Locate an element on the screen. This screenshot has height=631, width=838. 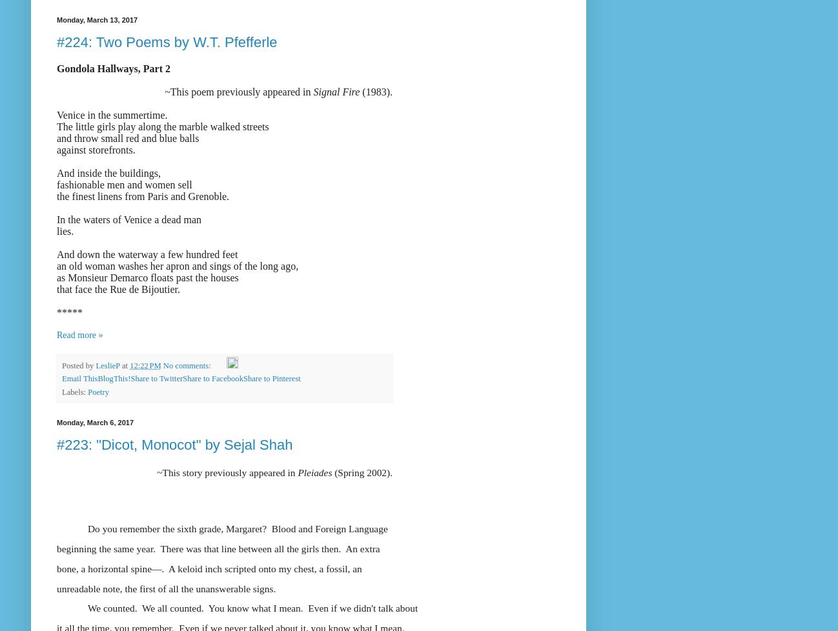
'Share to Facebook' is located at coordinates (212, 378).